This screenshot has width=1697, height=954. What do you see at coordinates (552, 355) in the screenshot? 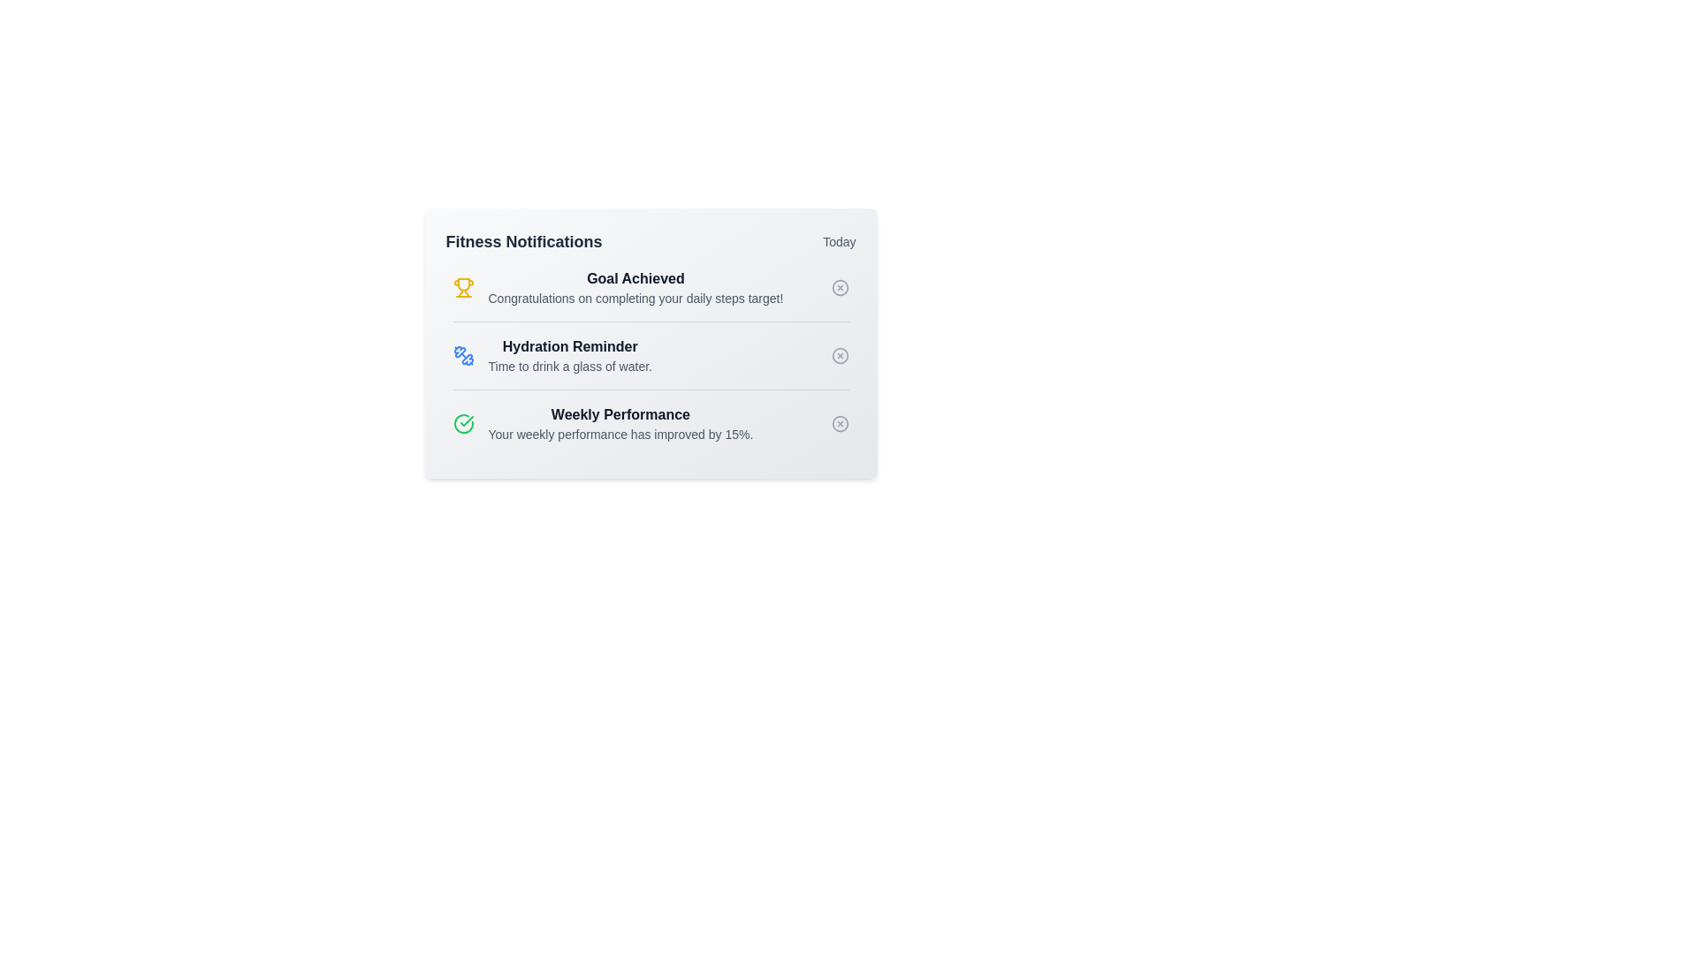
I see `the second notification card in the Fitness Notifications section` at bounding box center [552, 355].